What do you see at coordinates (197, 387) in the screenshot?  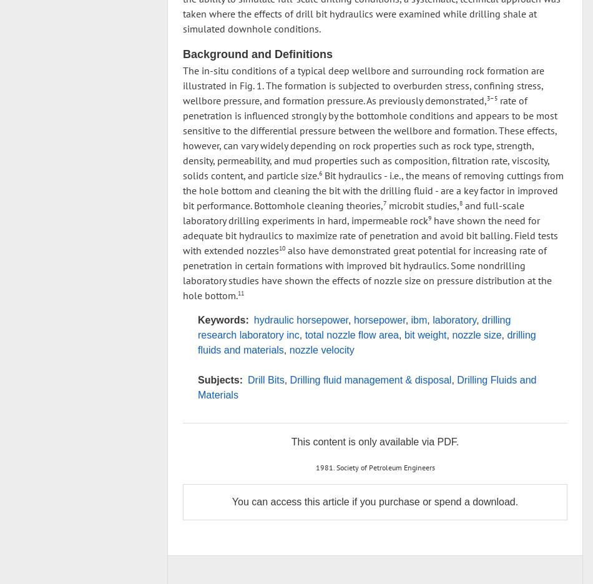 I see `'Drilling Fluids and Materials'` at bounding box center [197, 387].